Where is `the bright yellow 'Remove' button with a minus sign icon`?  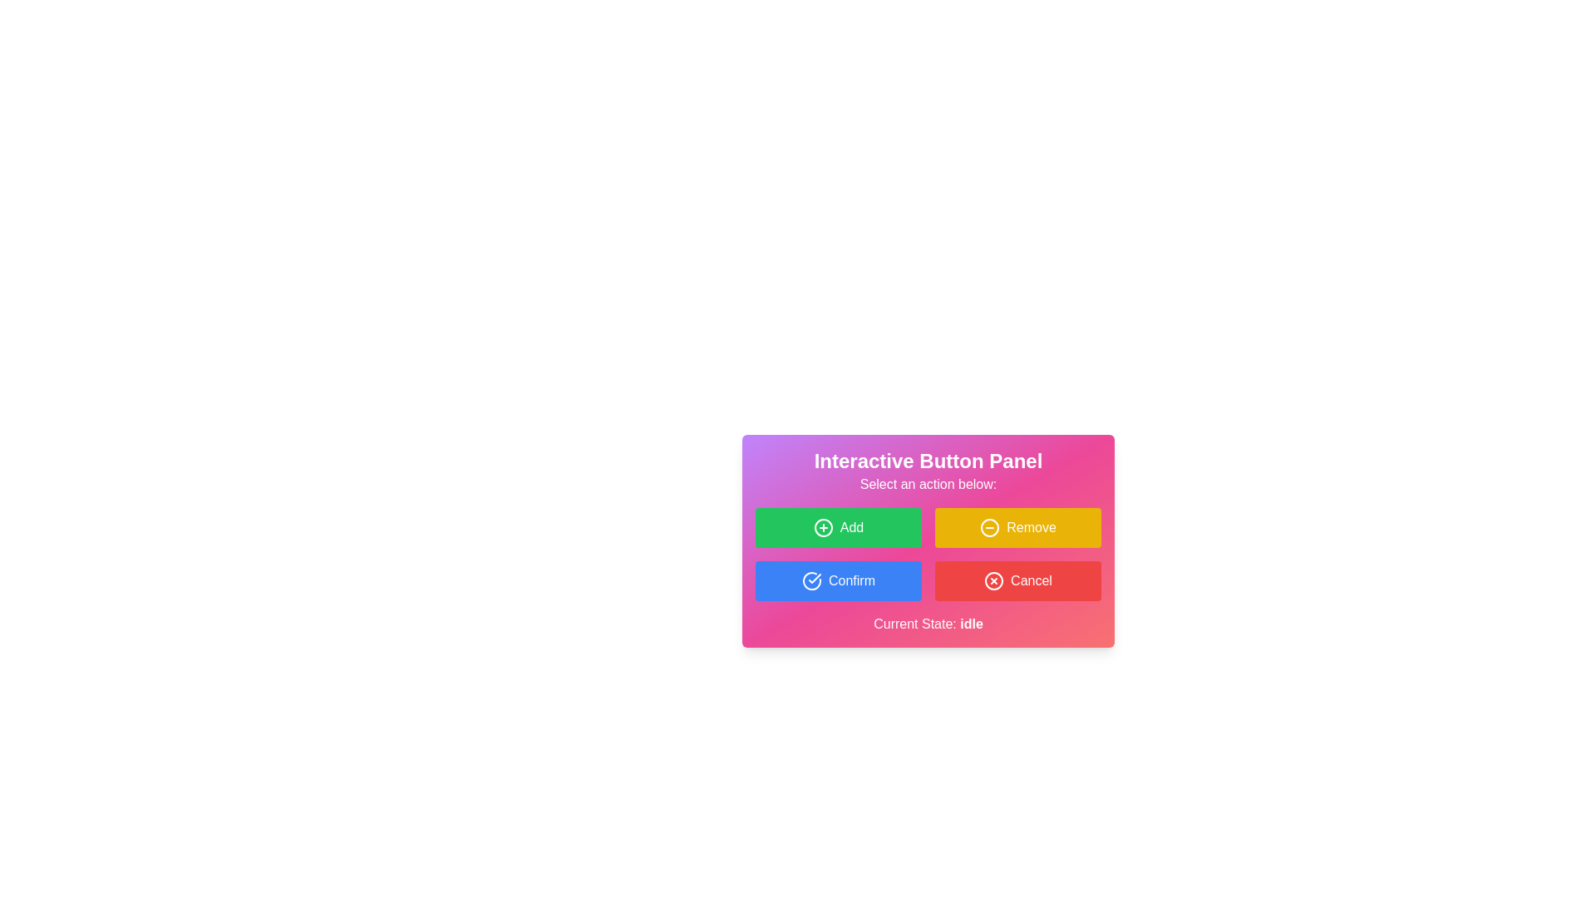
the bright yellow 'Remove' button with a minus sign icon is located at coordinates (1017, 528).